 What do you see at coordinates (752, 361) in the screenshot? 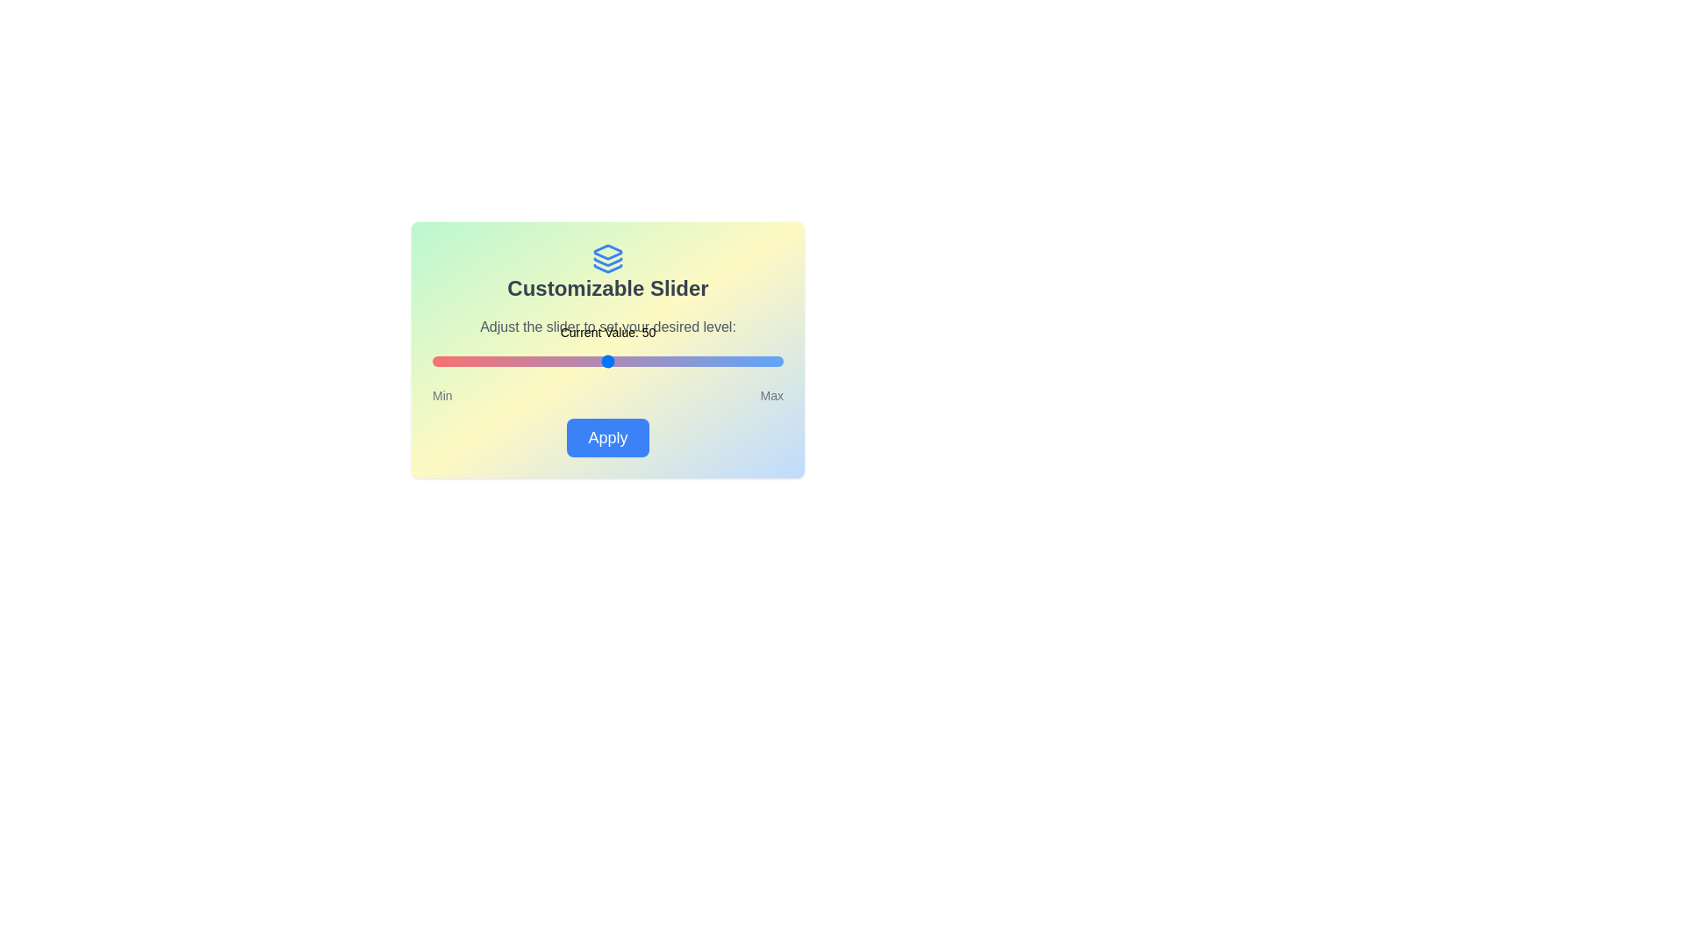
I see `the slider to set its value to 91` at bounding box center [752, 361].